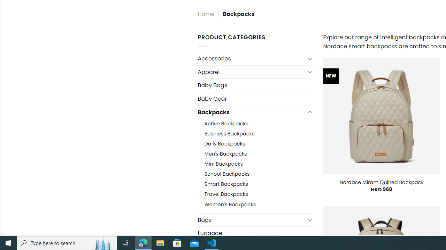 This screenshot has width=446, height=250. What do you see at coordinates (251, 220) in the screenshot?
I see `'Bags'` at bounding box center [251, 220].